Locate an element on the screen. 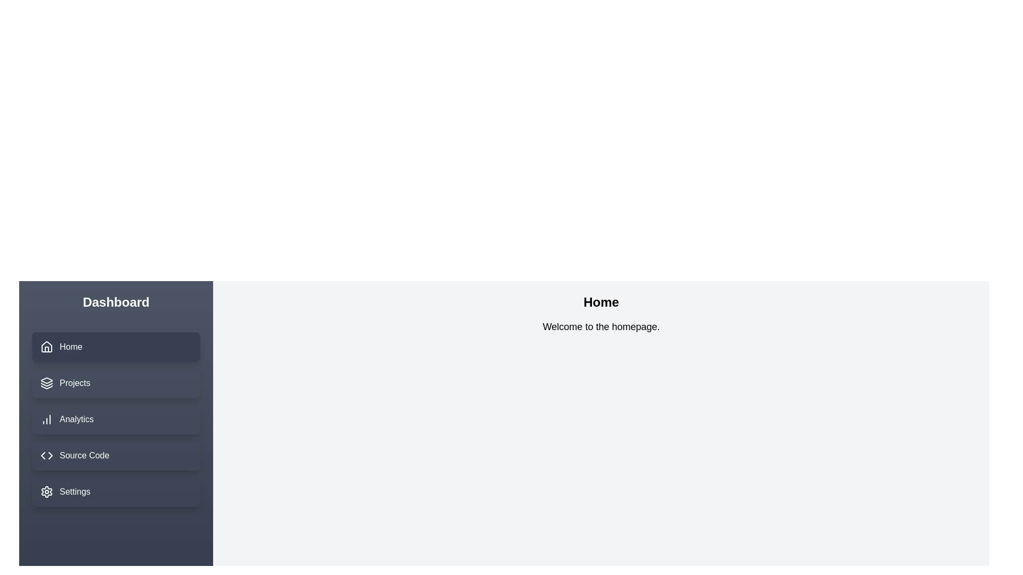 Image resolution: width=1023 pixels, height=575 pixels. the 'Analytics' button is located at coordinates (116, 418).